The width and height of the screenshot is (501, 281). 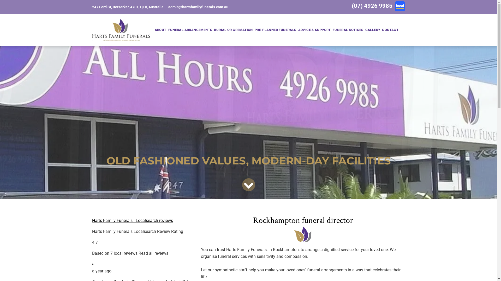 What do you see at coordinates (213, 30) in the screenshot?
I see `'BURIAL OR CREMATION'` at bounding box center [213, 30].